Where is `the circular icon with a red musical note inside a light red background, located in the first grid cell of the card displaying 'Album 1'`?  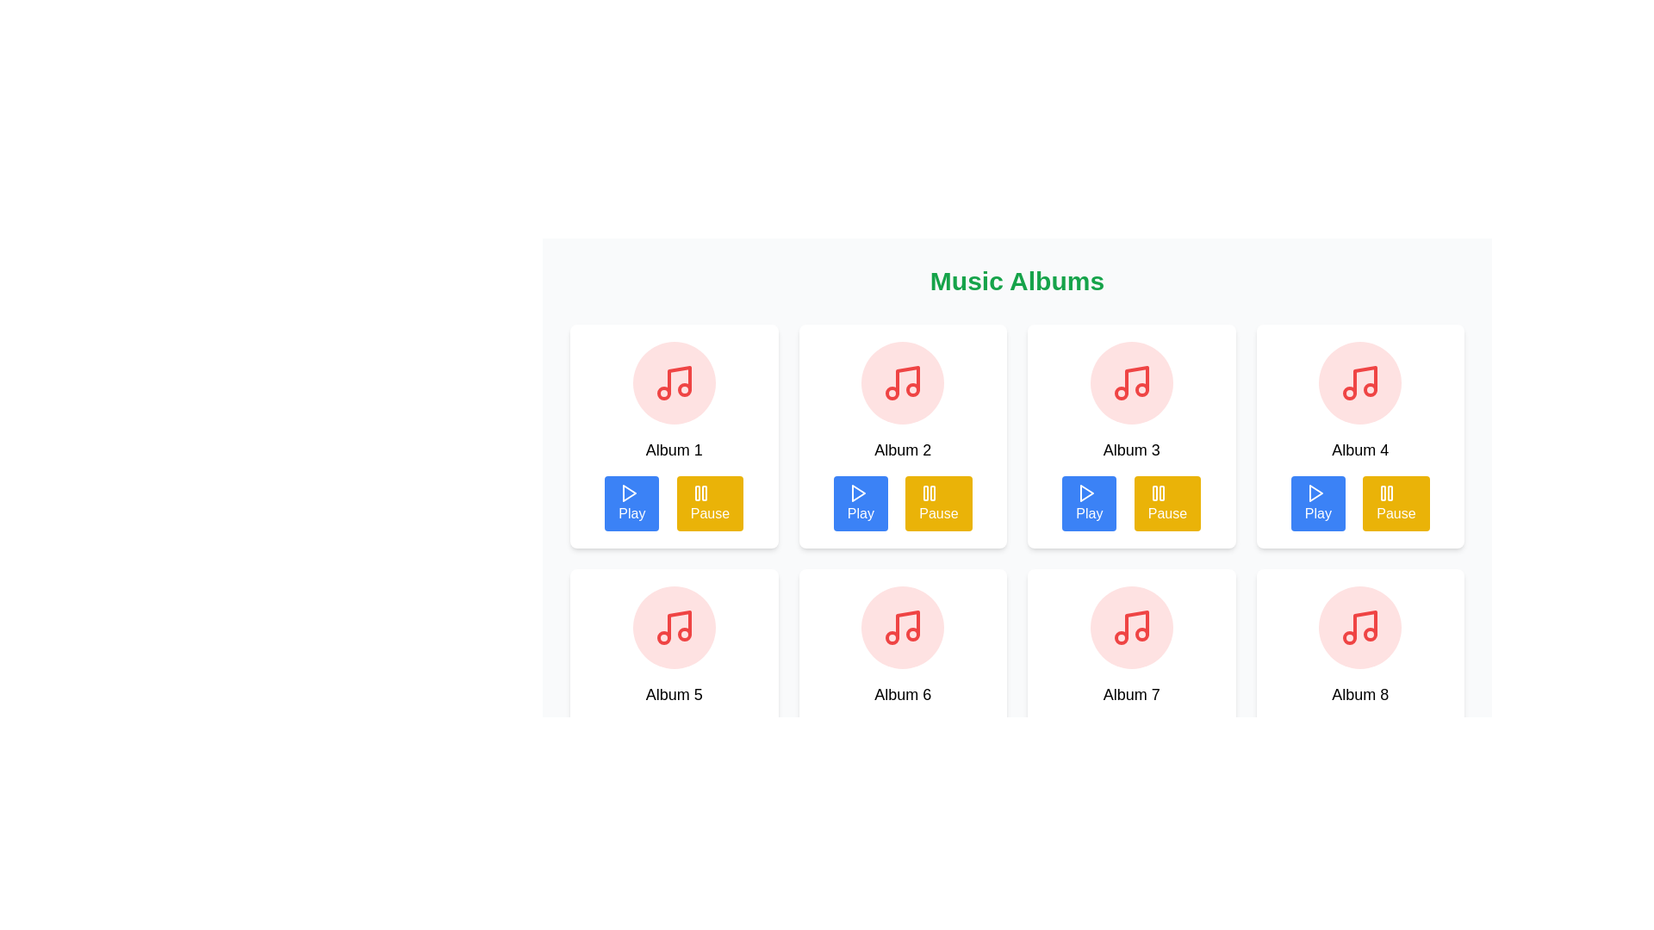 the circular icon with a red musical note inside a light red background, located in the first grid cell of the card displaying 'Album 1' is located at coordinates (673, 381).